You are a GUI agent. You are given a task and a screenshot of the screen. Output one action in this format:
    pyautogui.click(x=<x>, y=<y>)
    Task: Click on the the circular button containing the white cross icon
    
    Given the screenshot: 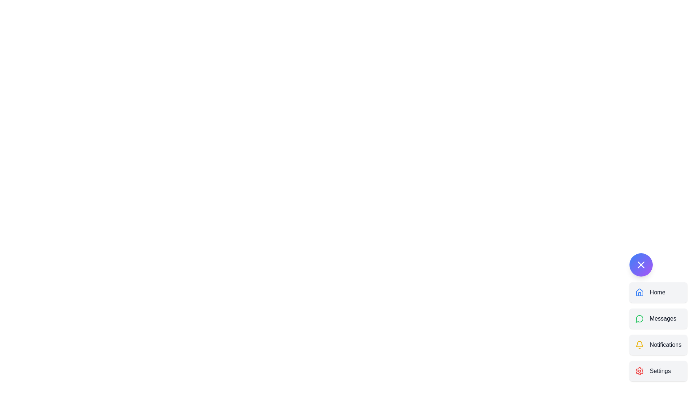 What is the action you would take?
    pyautogui.click(x=641, y=265)
    